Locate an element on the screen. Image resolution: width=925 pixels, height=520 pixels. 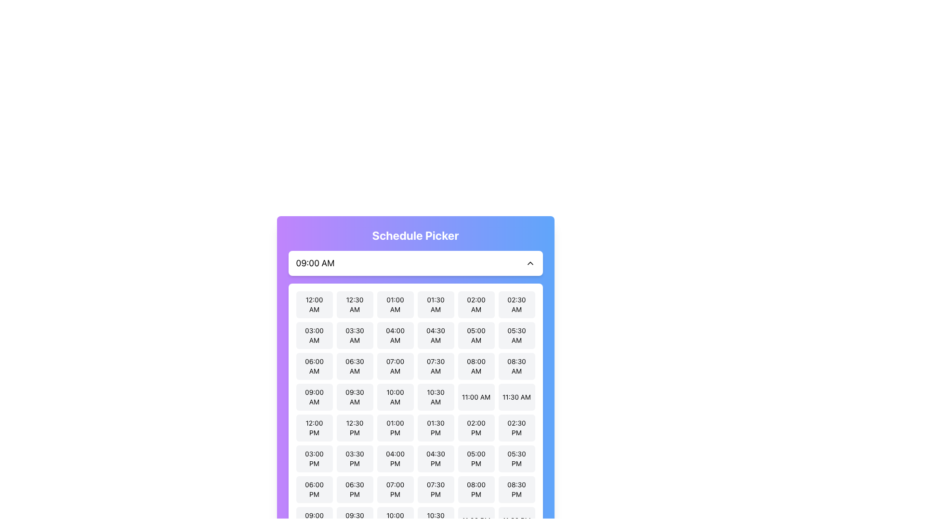
the button representing the selectable time slot for '12:00 AM' in the 'Schedule Picker' is located at coordinates (314, 304).